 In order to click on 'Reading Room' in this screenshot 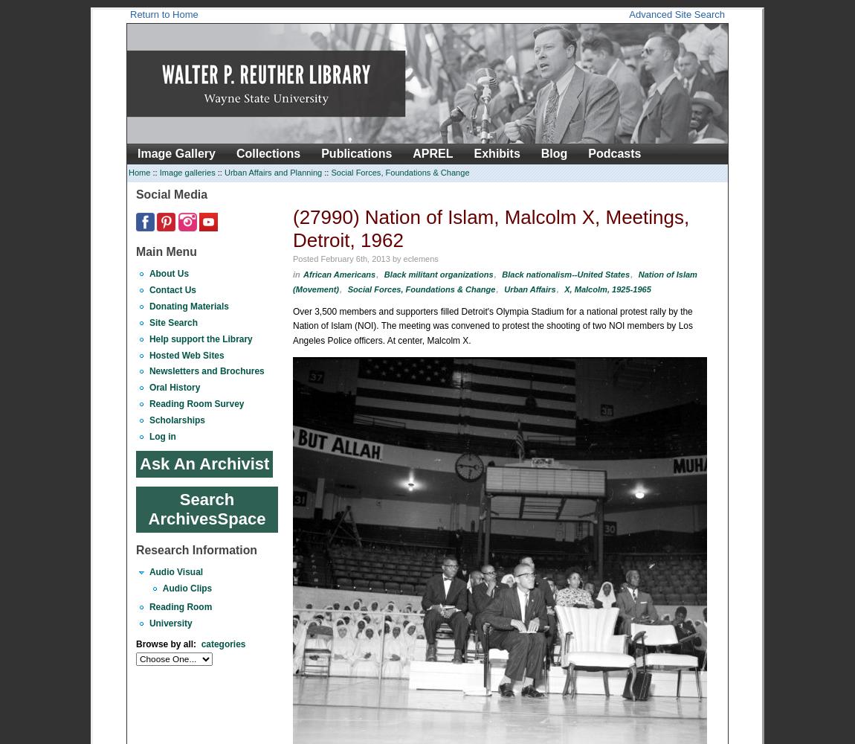, I will do `click(179, 606)`.